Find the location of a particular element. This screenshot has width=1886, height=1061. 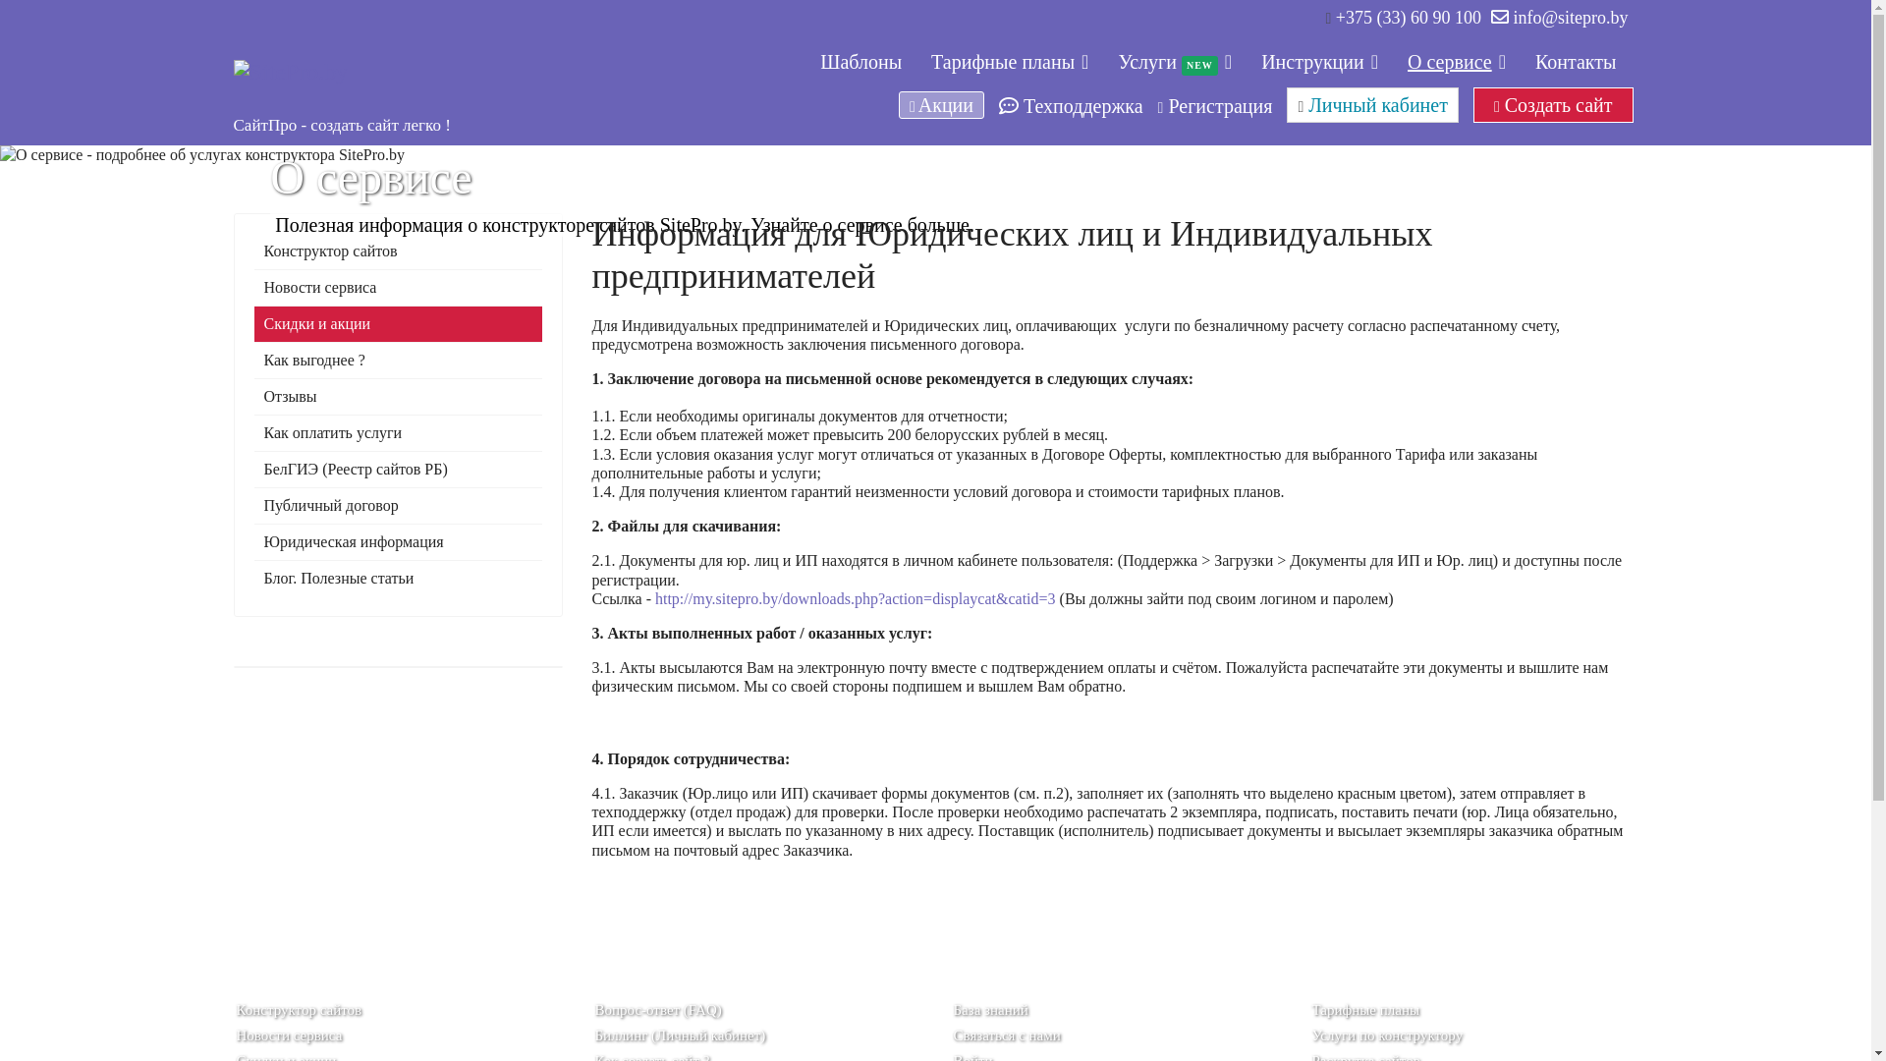

'info@sitepro.by' is located at coordinates (1569, 18).